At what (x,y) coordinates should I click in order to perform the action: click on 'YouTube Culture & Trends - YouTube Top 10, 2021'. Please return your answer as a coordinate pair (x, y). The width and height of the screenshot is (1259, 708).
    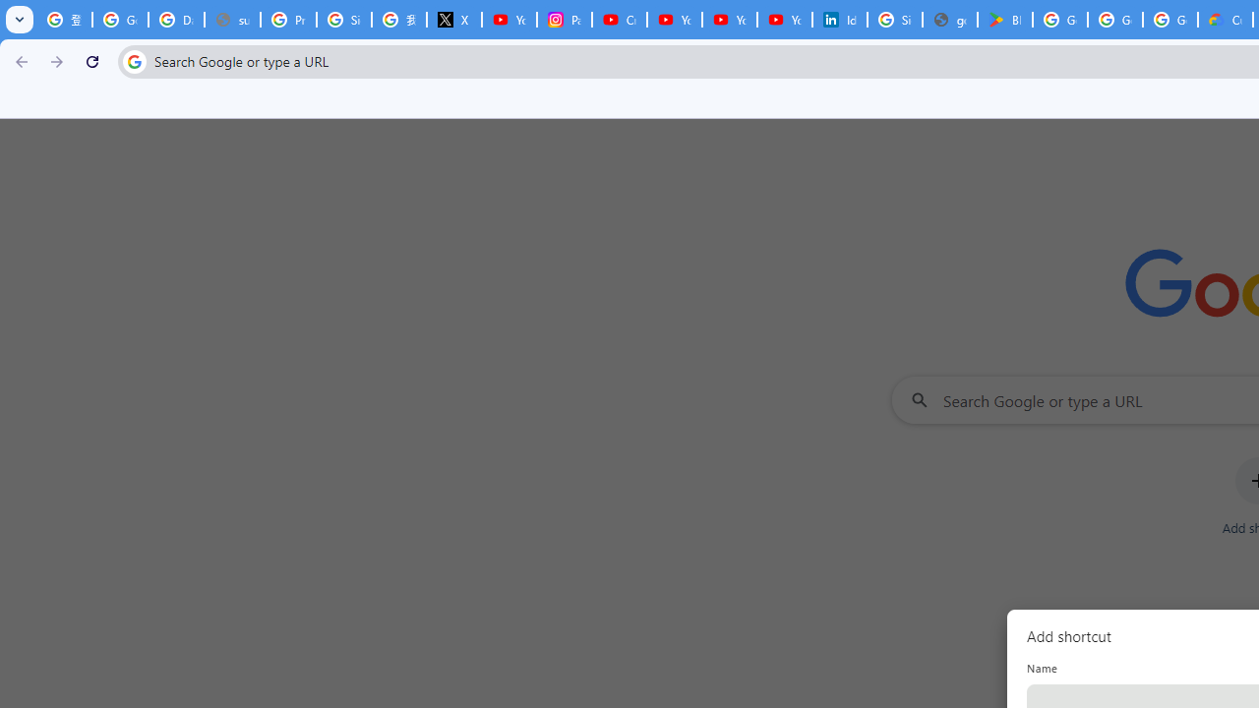
    Looking at the image, I should click on (729, 20).